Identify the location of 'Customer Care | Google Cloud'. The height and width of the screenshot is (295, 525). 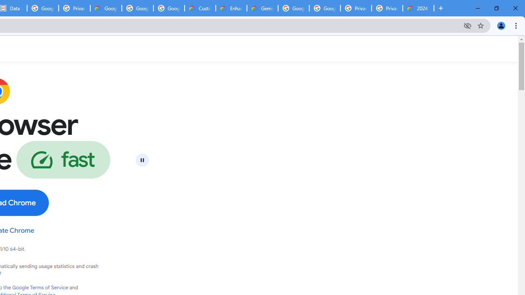
(200, 8).